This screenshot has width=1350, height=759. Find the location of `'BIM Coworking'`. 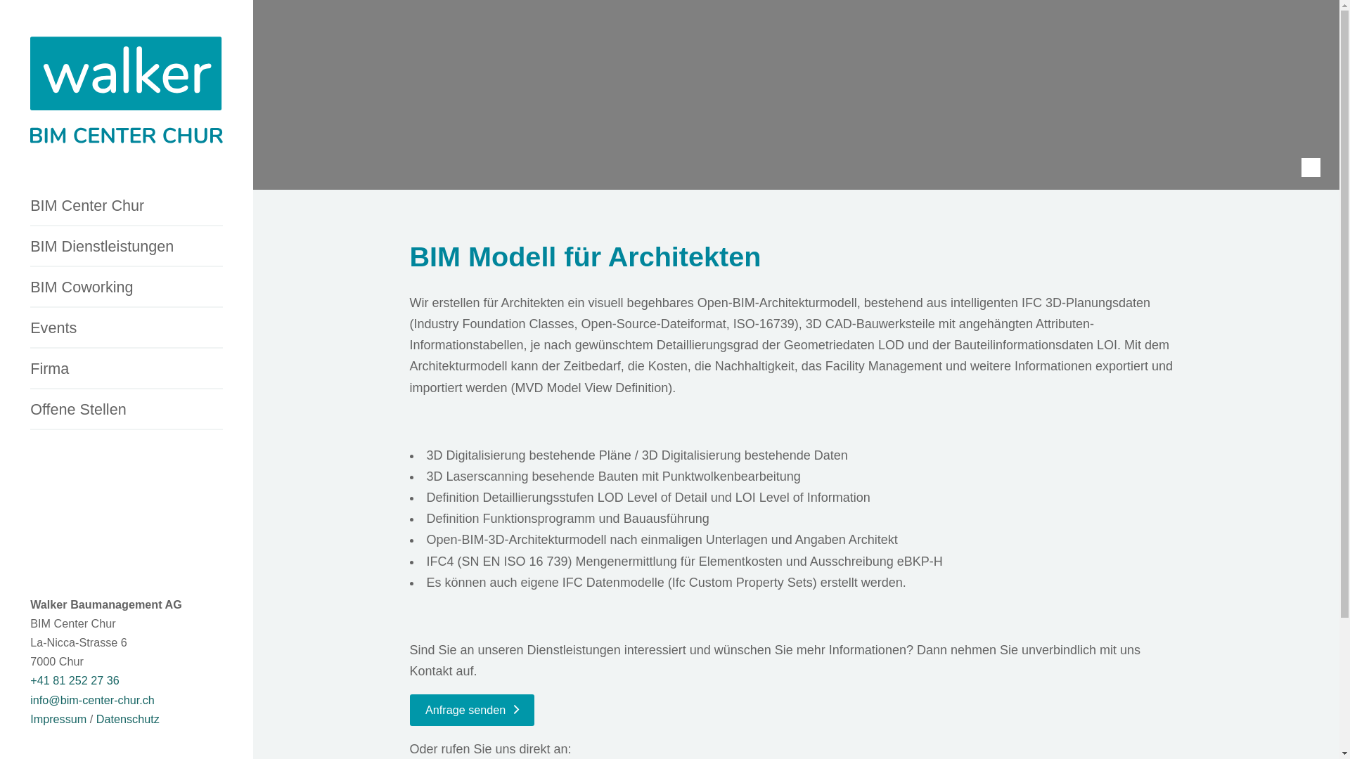

'BIM Coworking' is located at coordinates (127, 287).